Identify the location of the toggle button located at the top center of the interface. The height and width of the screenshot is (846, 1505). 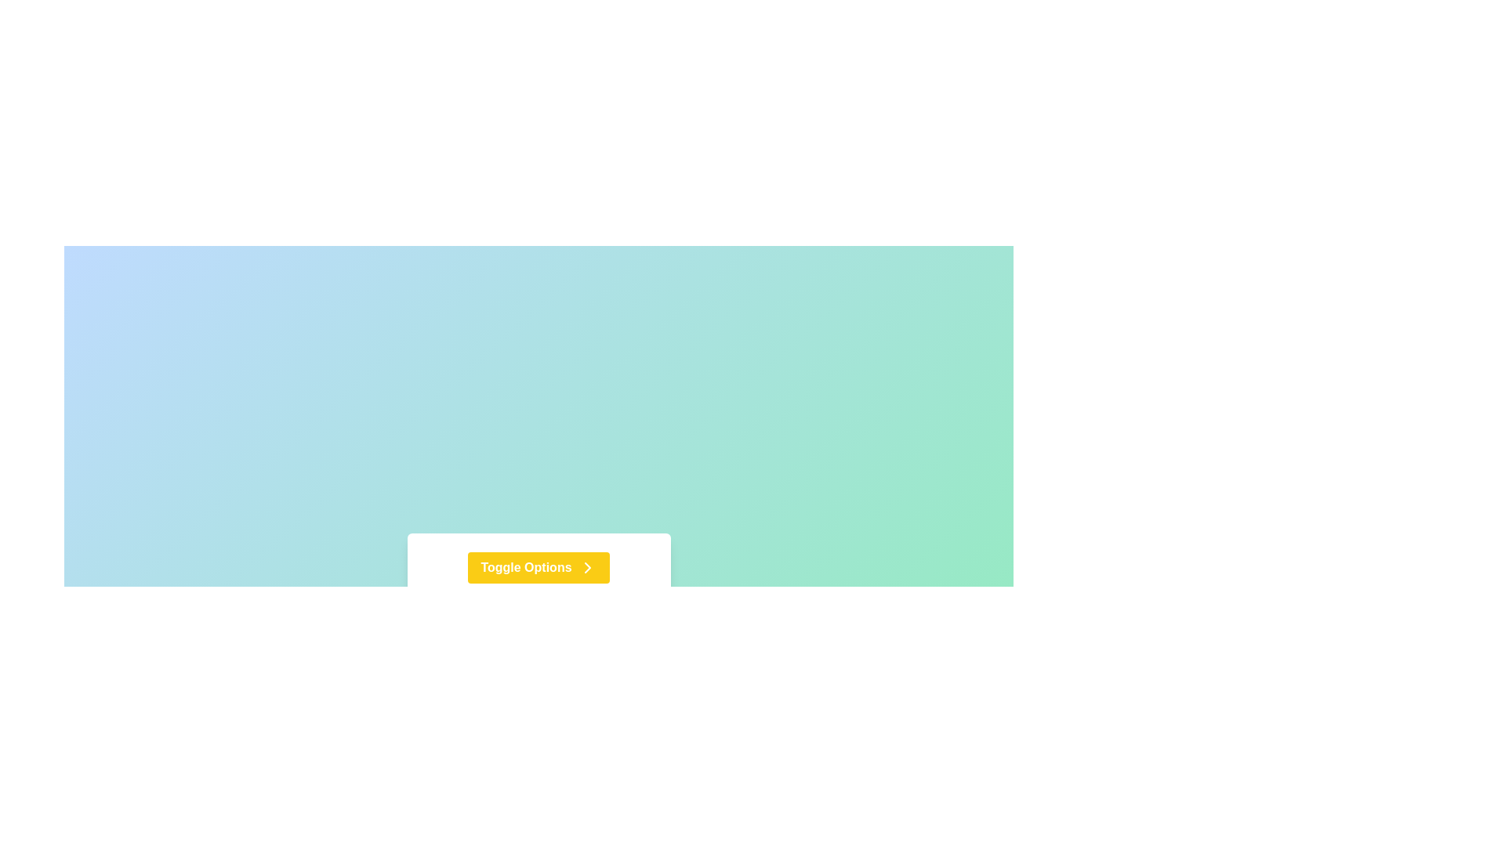
(539, 568).